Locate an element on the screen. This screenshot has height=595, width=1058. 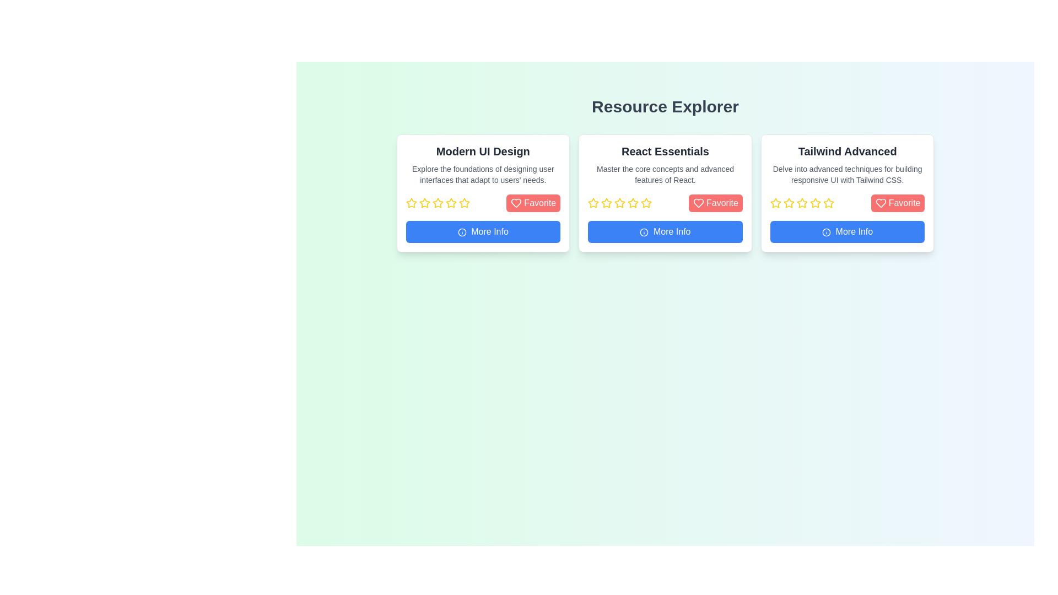
the rectangular button with a blue background and white text reading 'More Info' to trigger hover effects is located at coordinates (665, 231).